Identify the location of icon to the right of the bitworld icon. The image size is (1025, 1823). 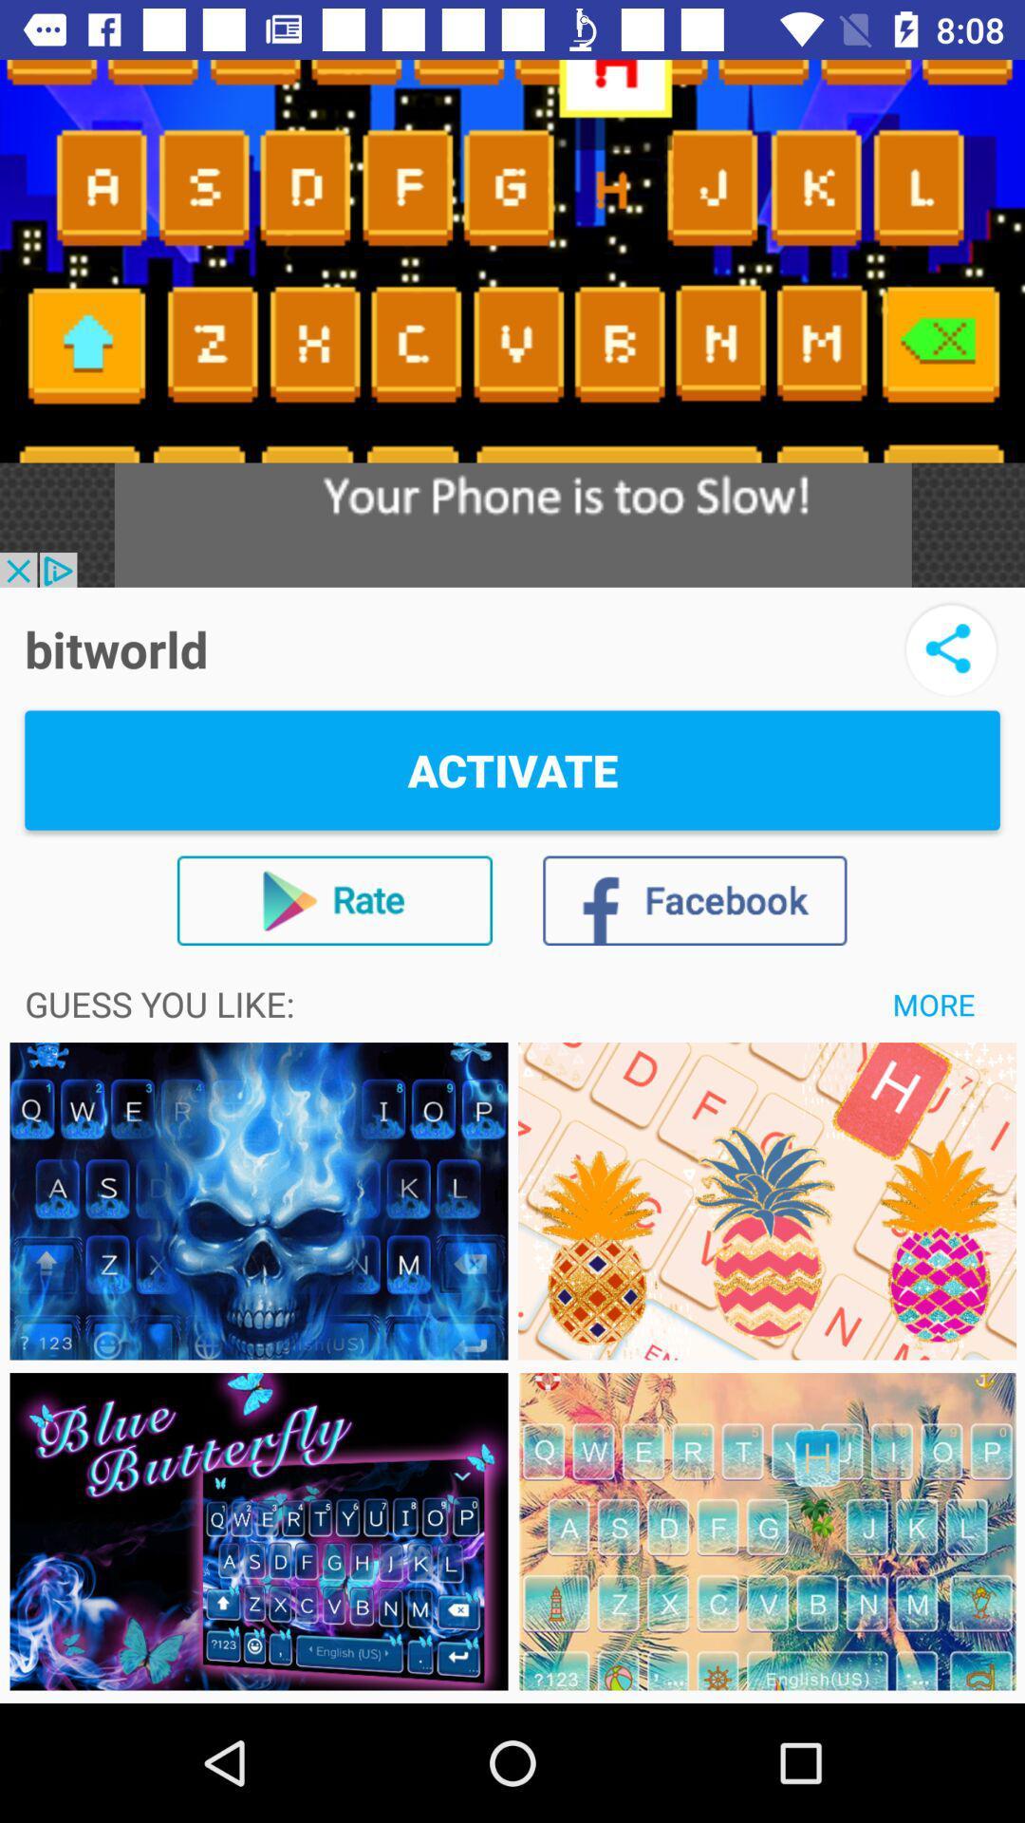
(951, 648).